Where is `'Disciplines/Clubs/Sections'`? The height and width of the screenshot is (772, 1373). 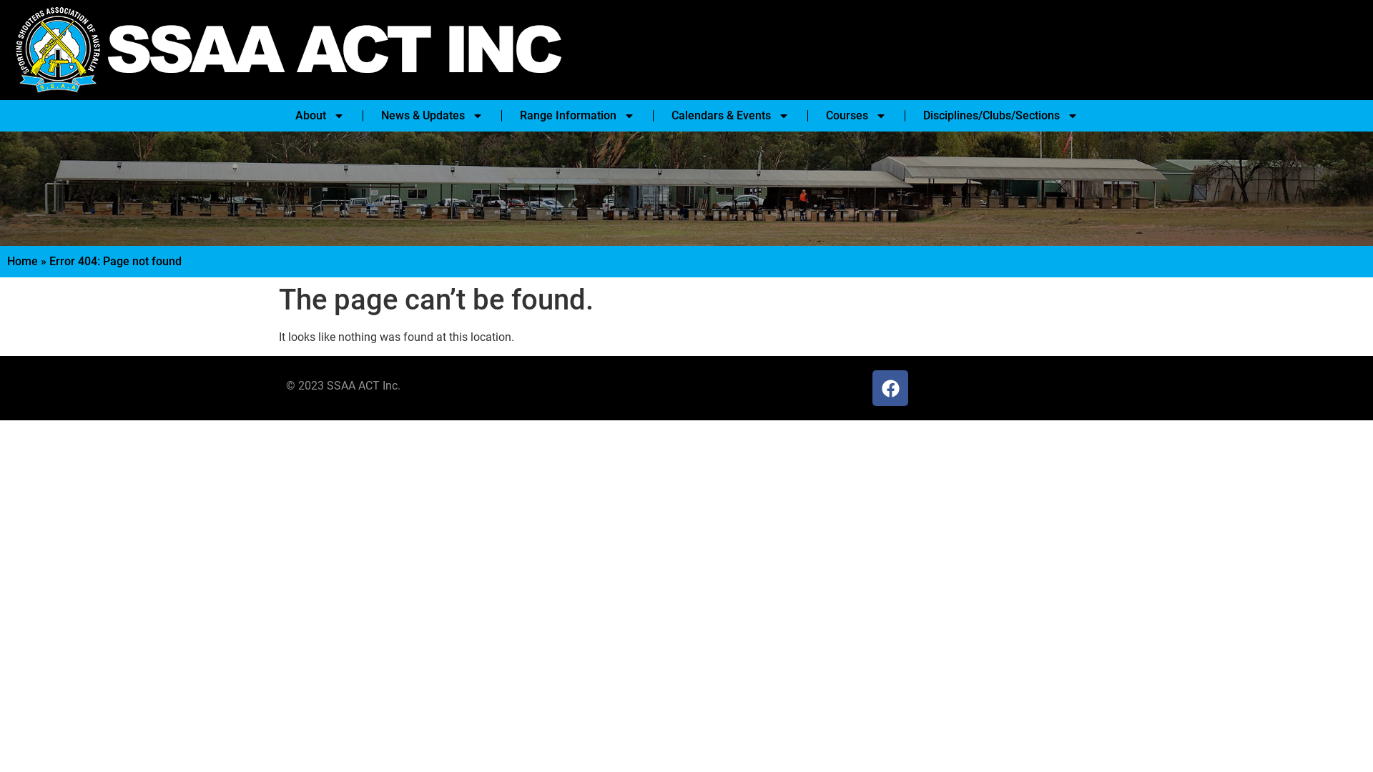
'Disciplines/Clubs/Sections' is located at coordinates (907, 115).